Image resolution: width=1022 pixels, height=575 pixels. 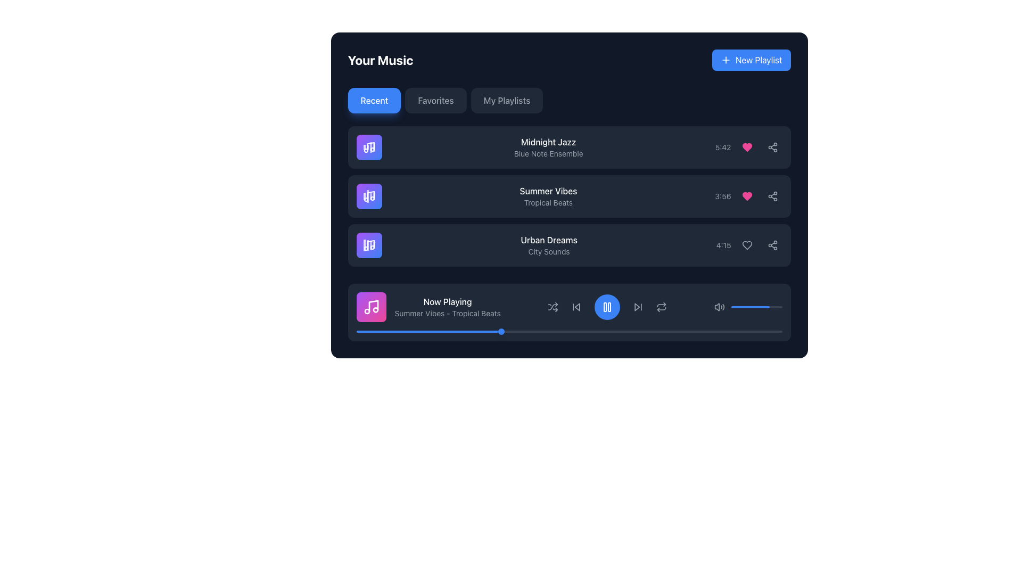 I want to click on progress, so click(x=705, y=331).